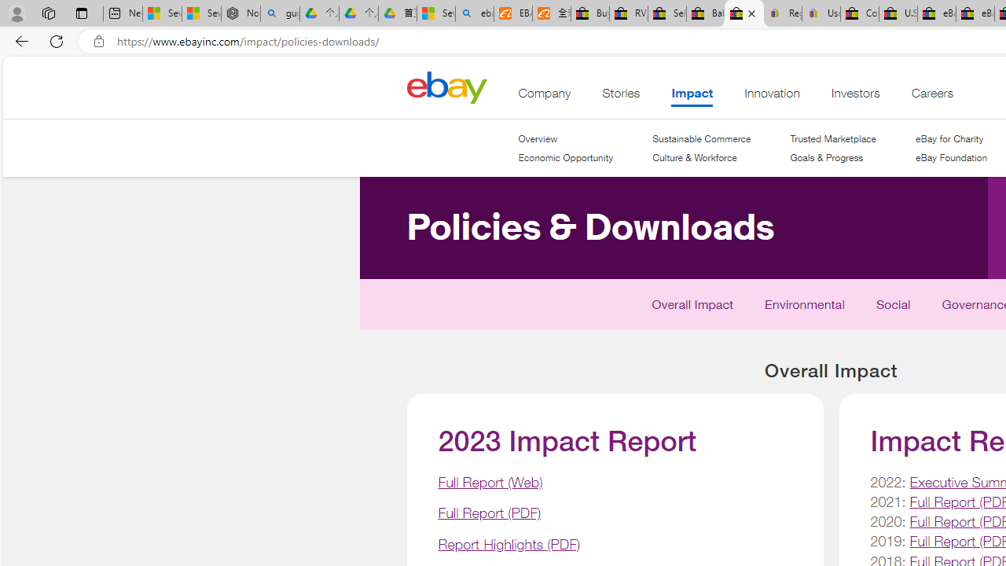 This screenshot has width=1006, height=566. Describe the element at coordinates (782, 13) in the screenshot. I see `'Register: Create a personal eBay account'` at that location.